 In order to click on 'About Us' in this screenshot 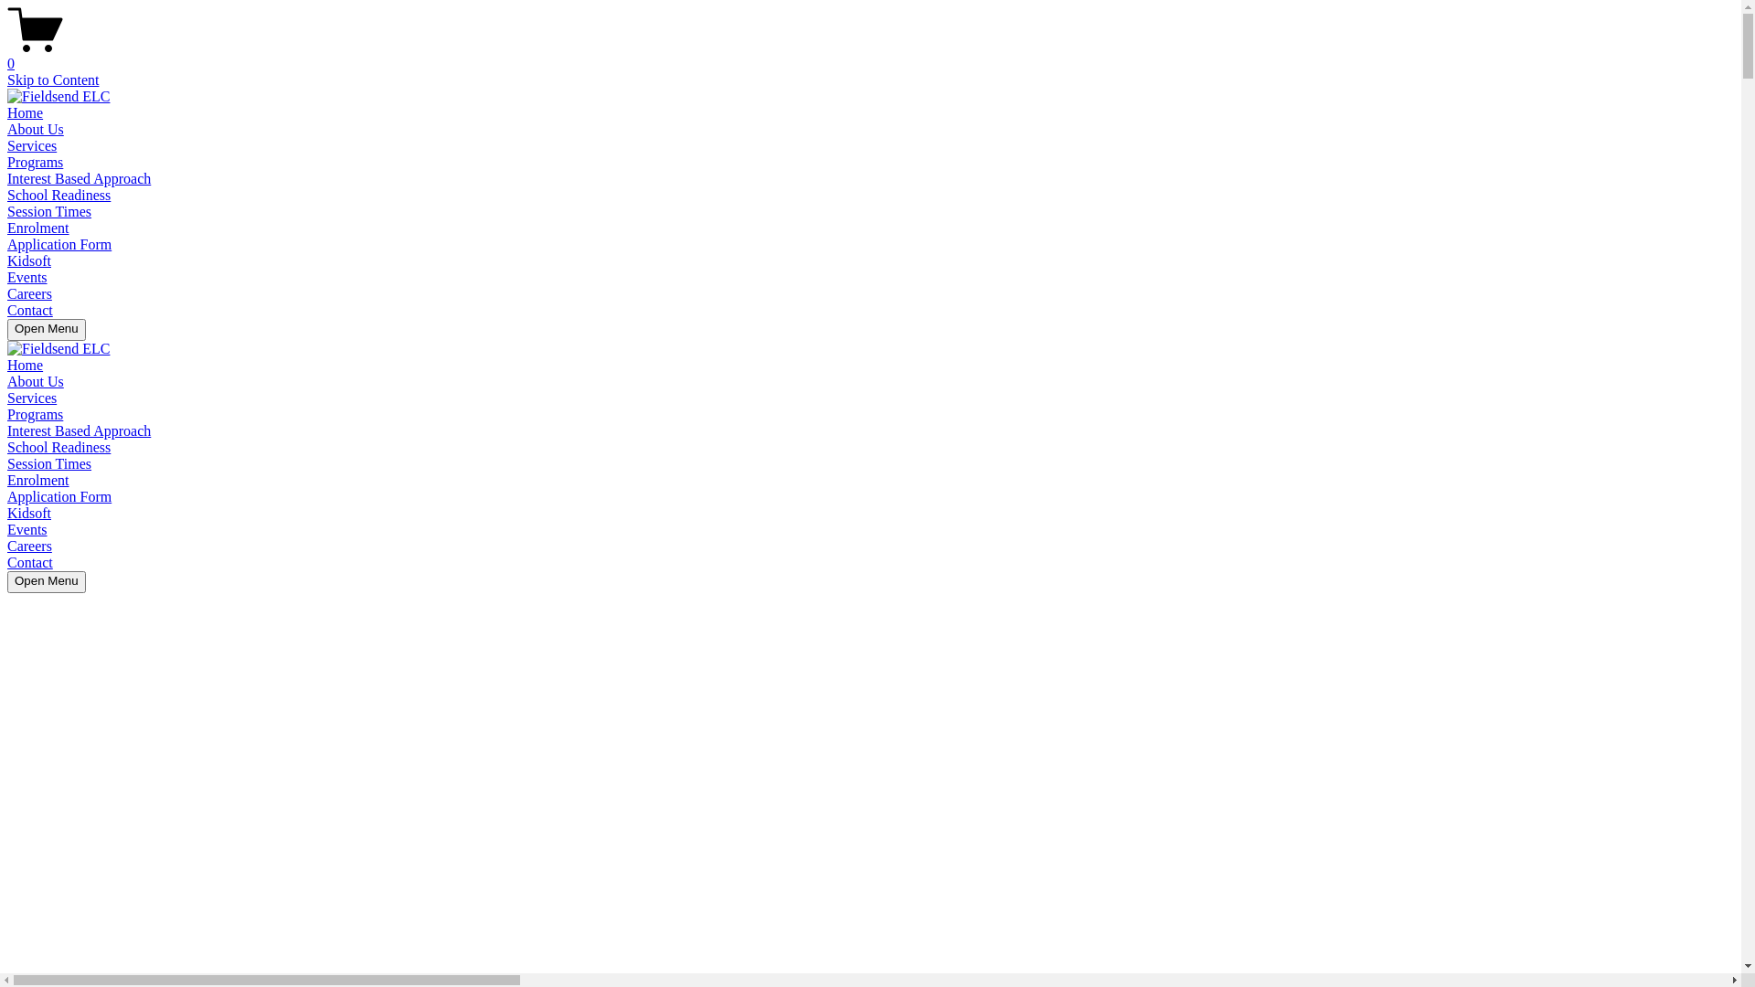, I will do `click(35, 380)`.